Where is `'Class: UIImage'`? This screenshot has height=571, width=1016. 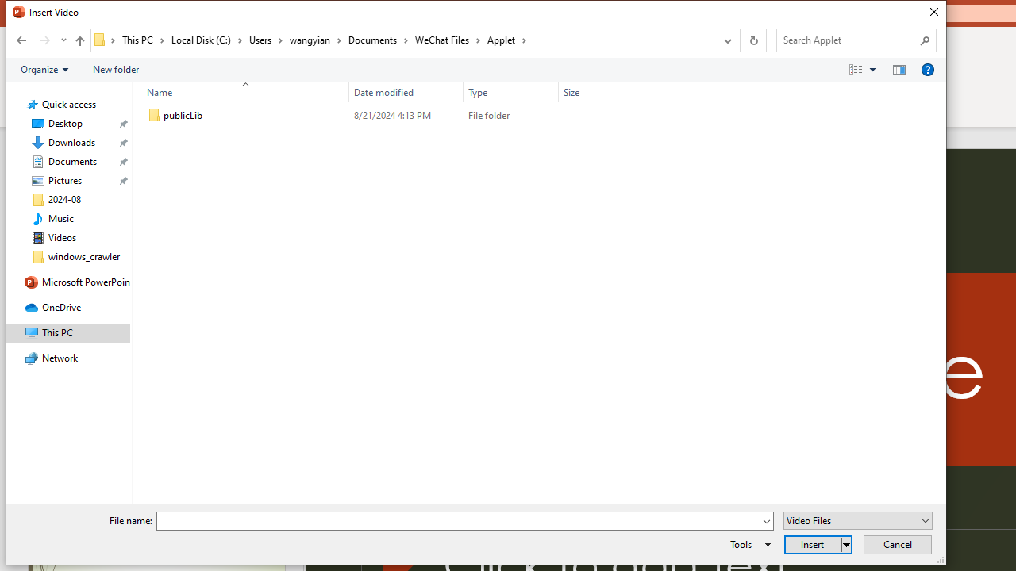 'Class: UIImage' is located at coordinates (154, 115).